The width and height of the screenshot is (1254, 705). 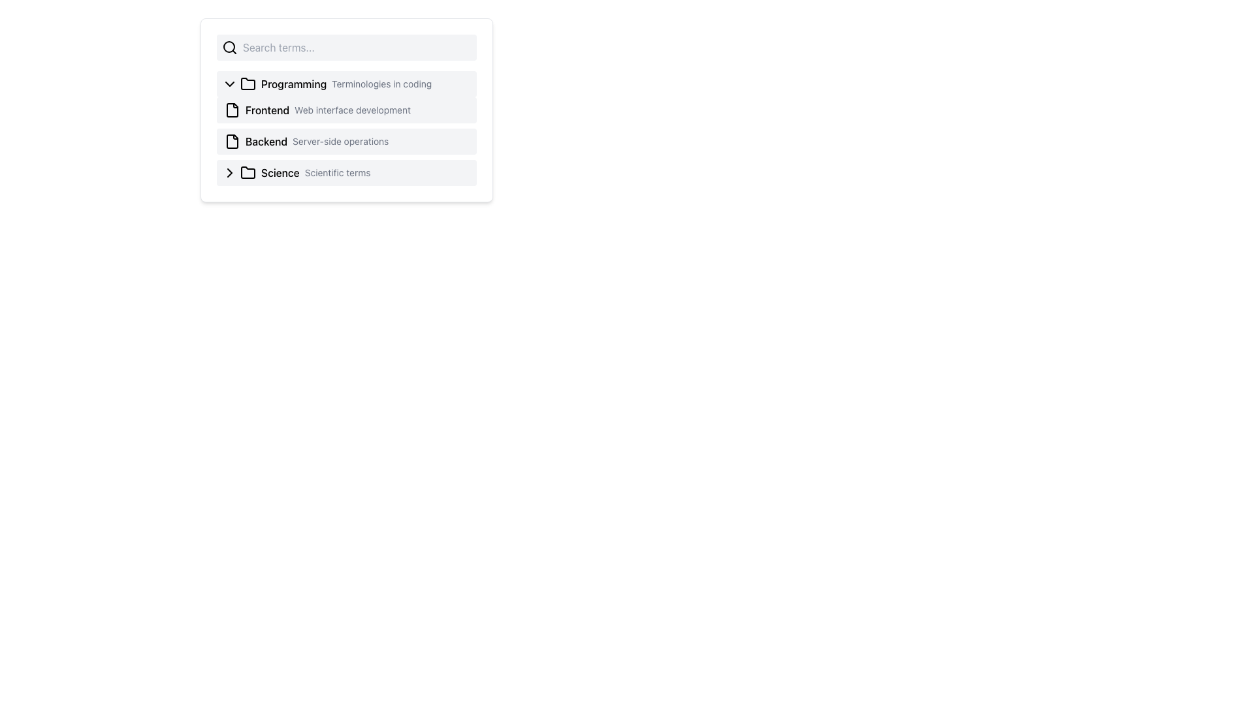 I want to click on the folder icon representing the 'Science' category, which is located to the left of the 'Science' text in a vertical list of categories, so click(x=248, y=172).